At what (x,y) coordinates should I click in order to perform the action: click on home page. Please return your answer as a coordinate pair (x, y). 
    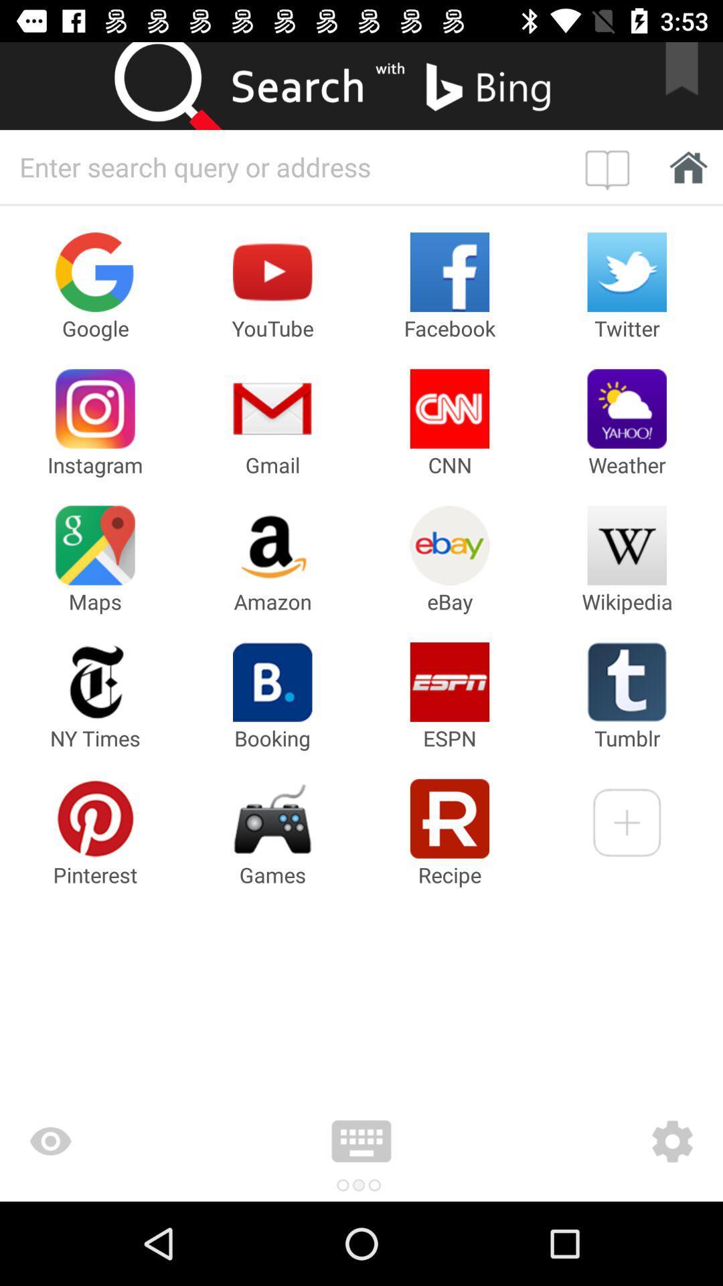
    Looking at the image, I should click on (684, 166).